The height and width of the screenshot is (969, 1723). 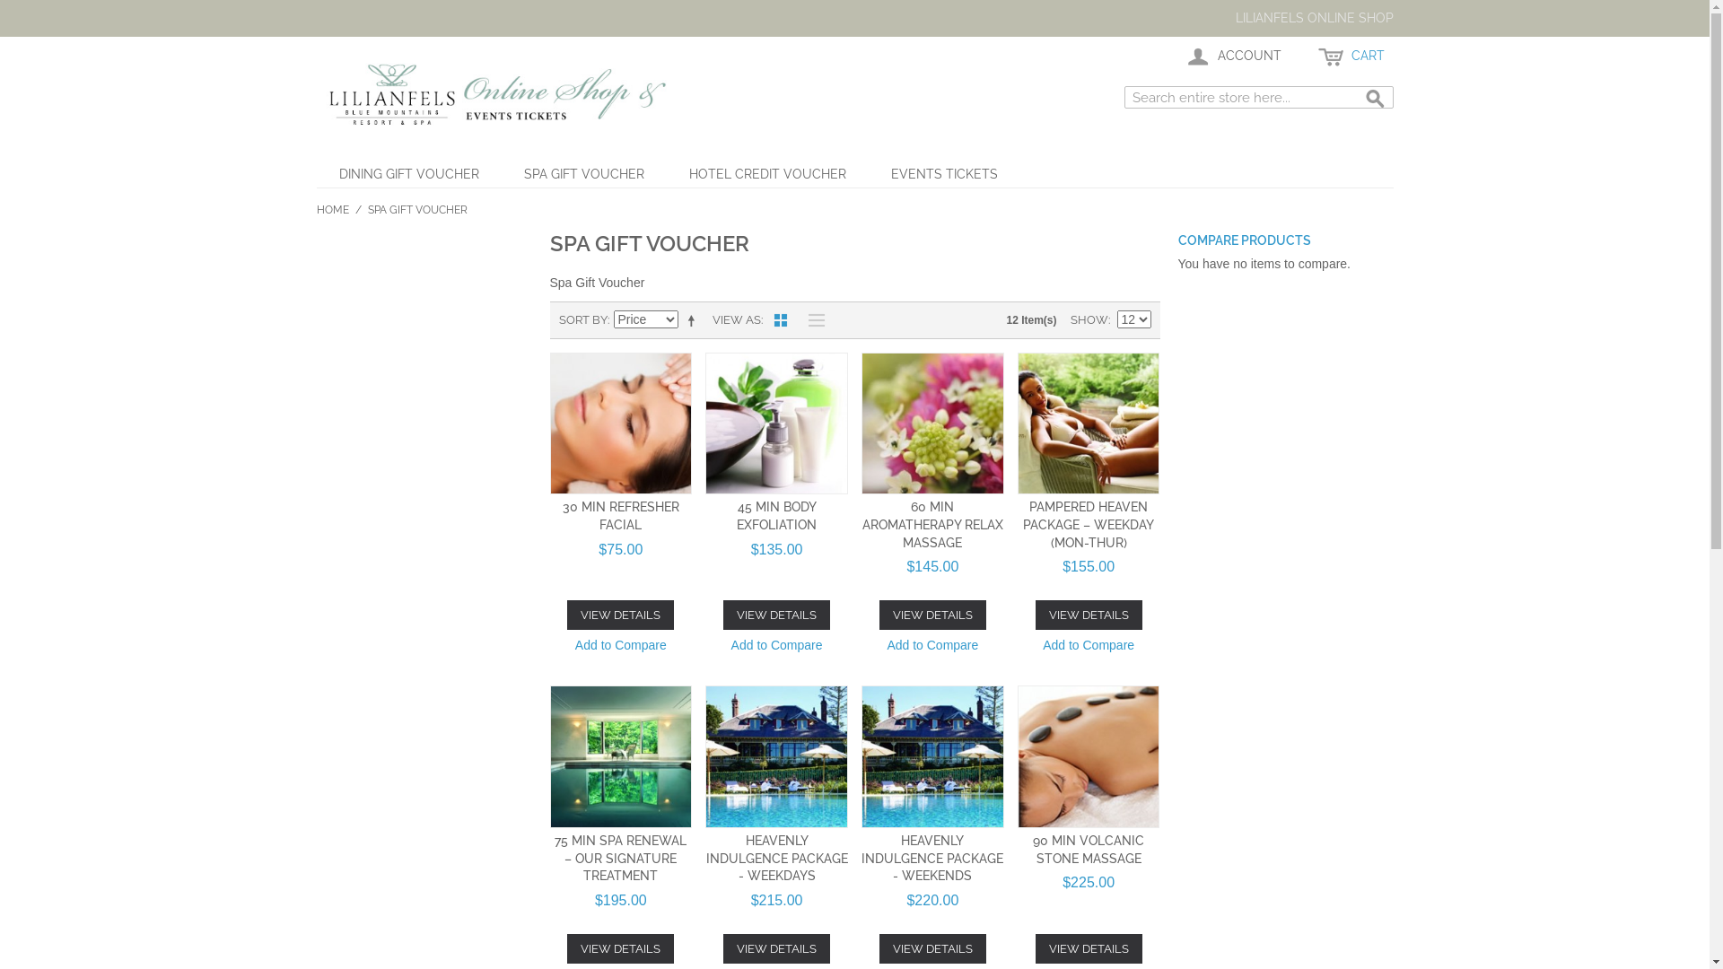 I want to click on '30 MIN REFRESHER FACIAL', so click(x=620, y=515).